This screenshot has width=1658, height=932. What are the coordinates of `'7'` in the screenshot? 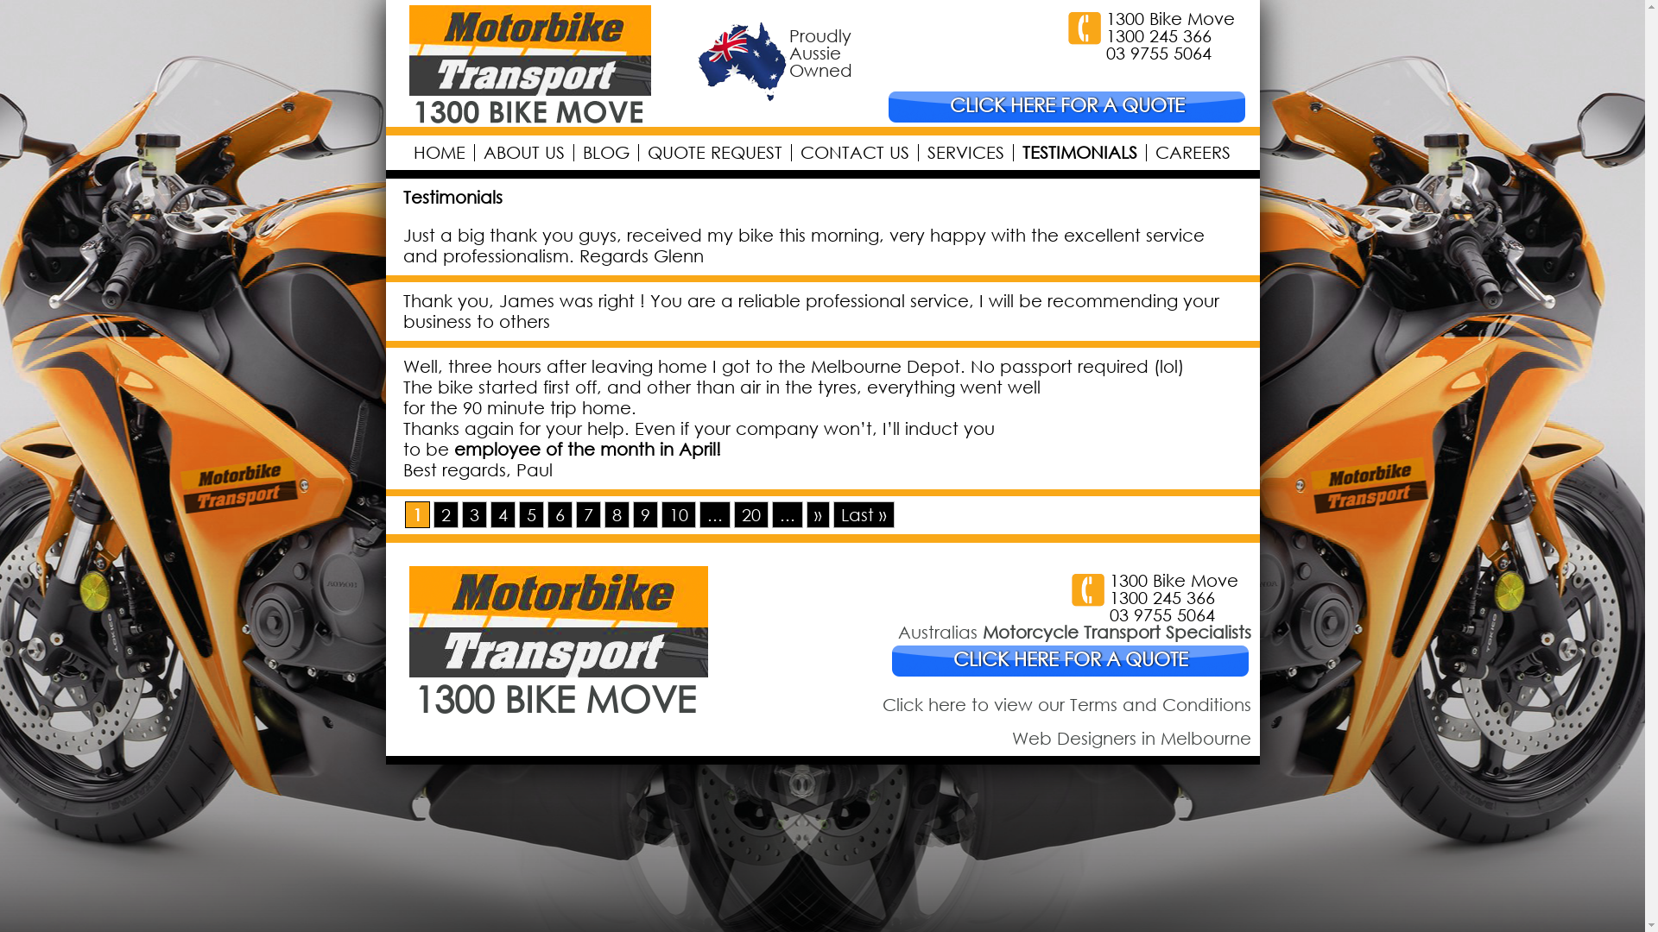 It's located at (587, 513).